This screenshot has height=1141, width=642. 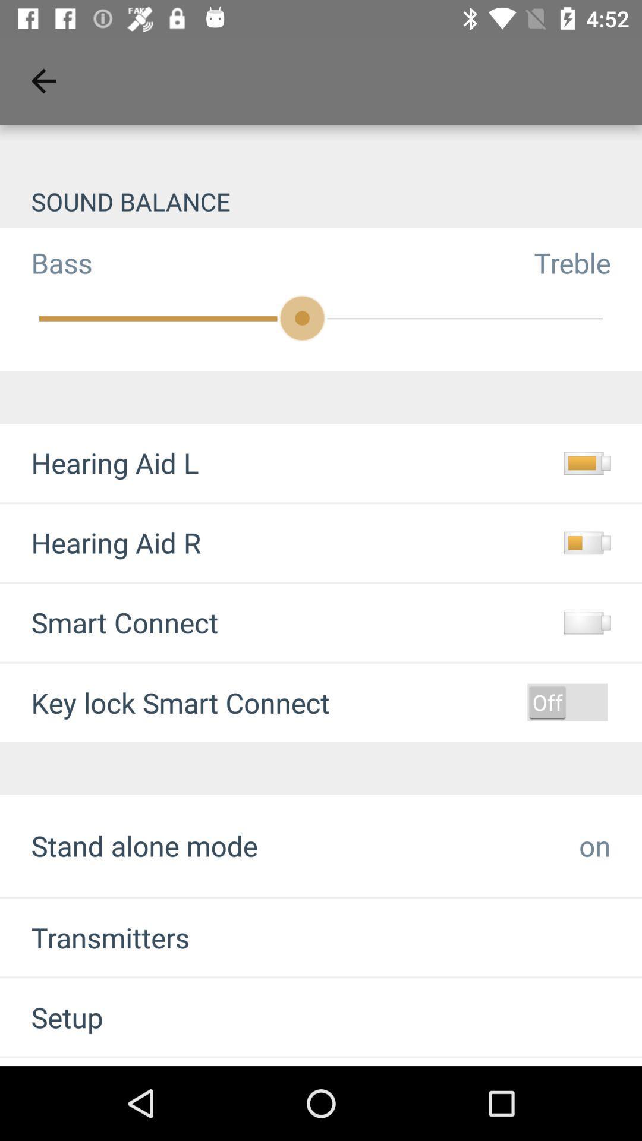 What do you see at coordinates (144, 845) in the screenshot?
I see `the stand alone mode icon` at bounding box center [144, 845].